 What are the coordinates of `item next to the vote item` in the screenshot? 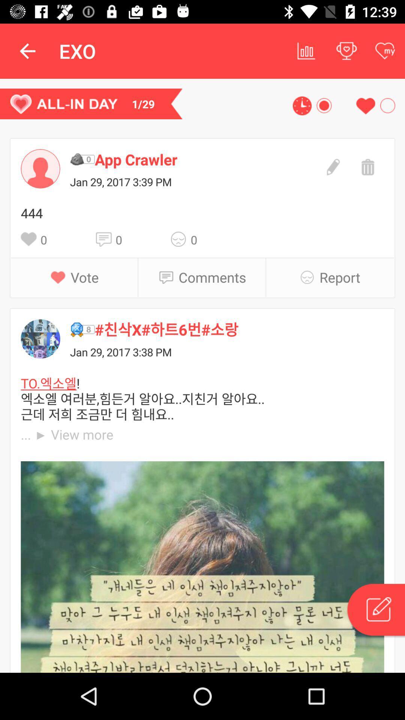 It's located at (60, 277).